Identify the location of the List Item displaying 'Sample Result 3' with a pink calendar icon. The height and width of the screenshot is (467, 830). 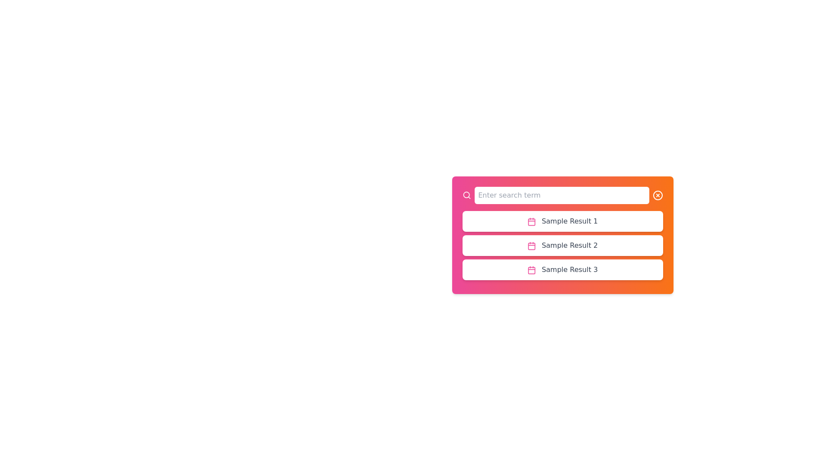
(562, 269).